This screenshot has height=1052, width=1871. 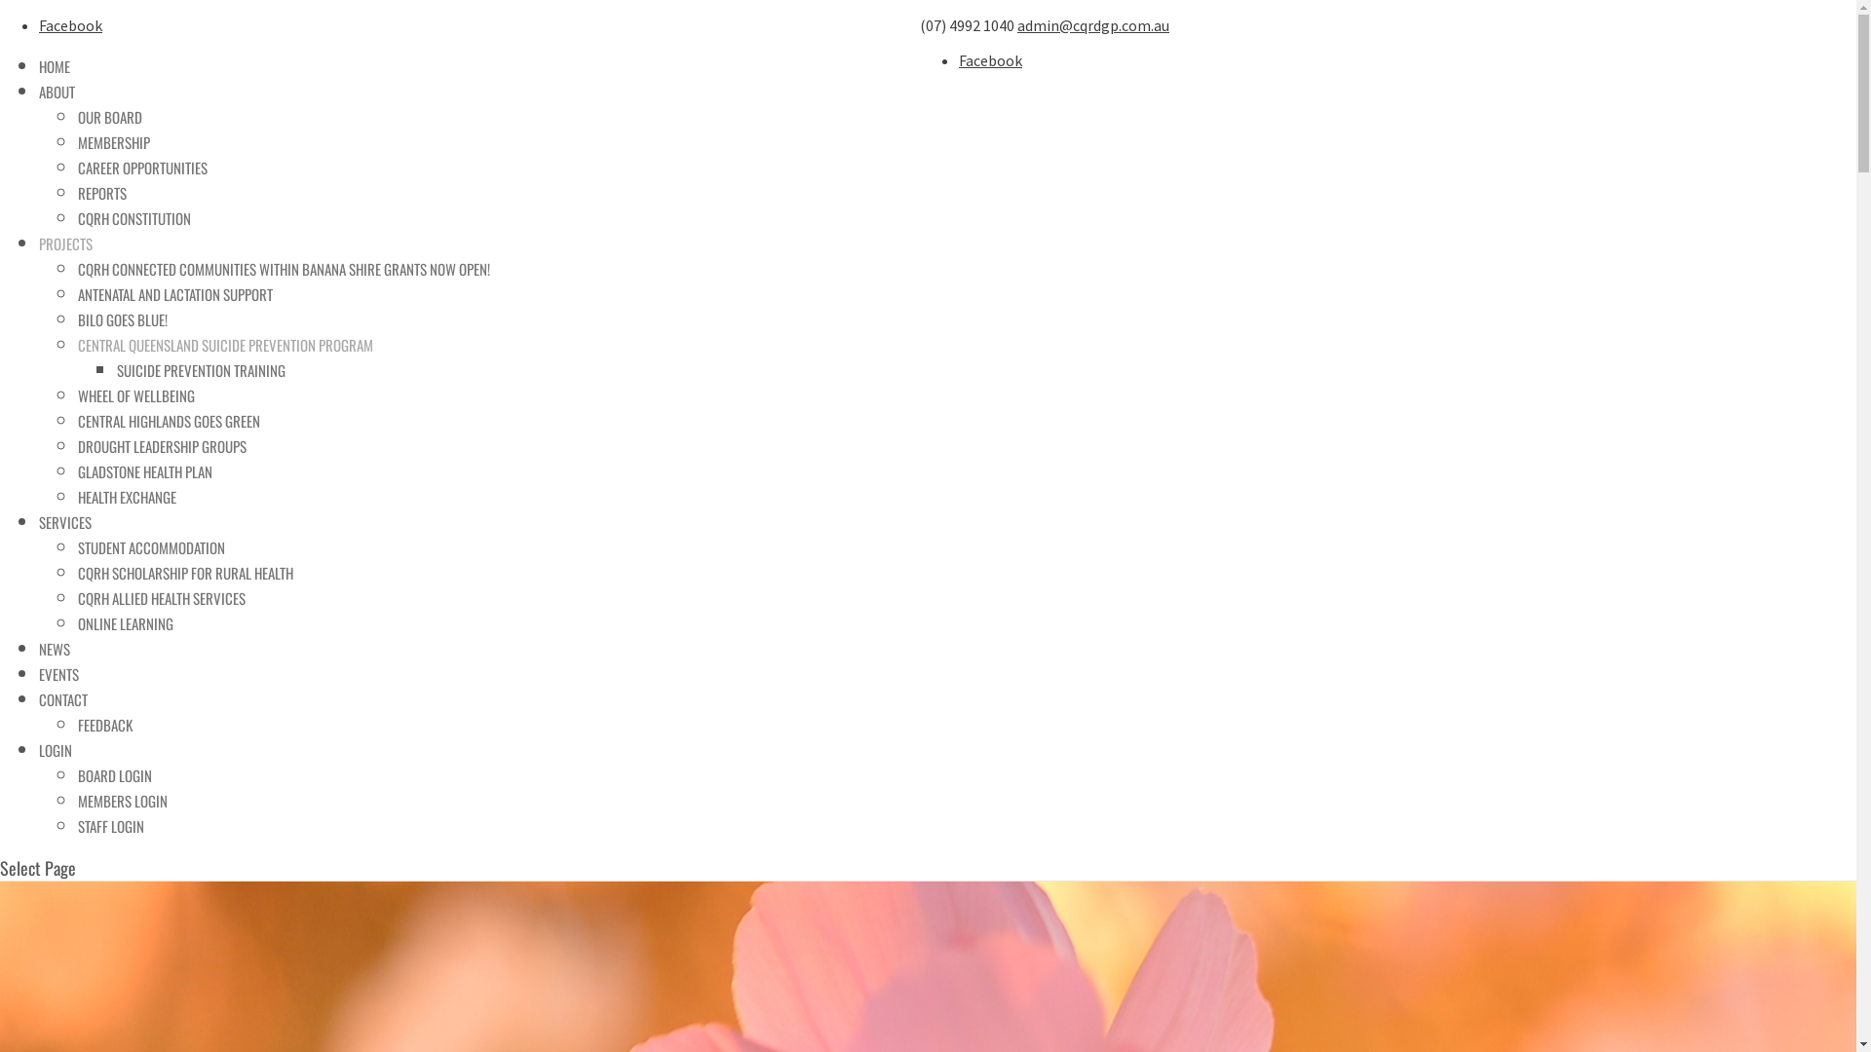 I want to click on 'ANTENATAL AND LACTATION SUPPORT', so click(x=175, y=293).